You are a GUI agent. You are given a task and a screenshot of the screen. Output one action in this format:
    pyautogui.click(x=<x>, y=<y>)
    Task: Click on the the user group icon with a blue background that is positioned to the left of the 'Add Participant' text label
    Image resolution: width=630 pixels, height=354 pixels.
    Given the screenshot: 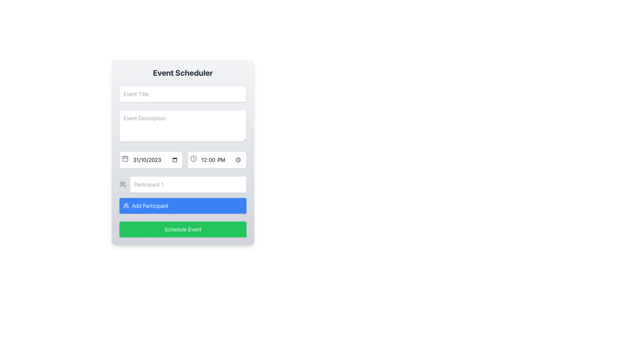 What is the action you would take?
    pyautogui.click(x=126, y=206)
    